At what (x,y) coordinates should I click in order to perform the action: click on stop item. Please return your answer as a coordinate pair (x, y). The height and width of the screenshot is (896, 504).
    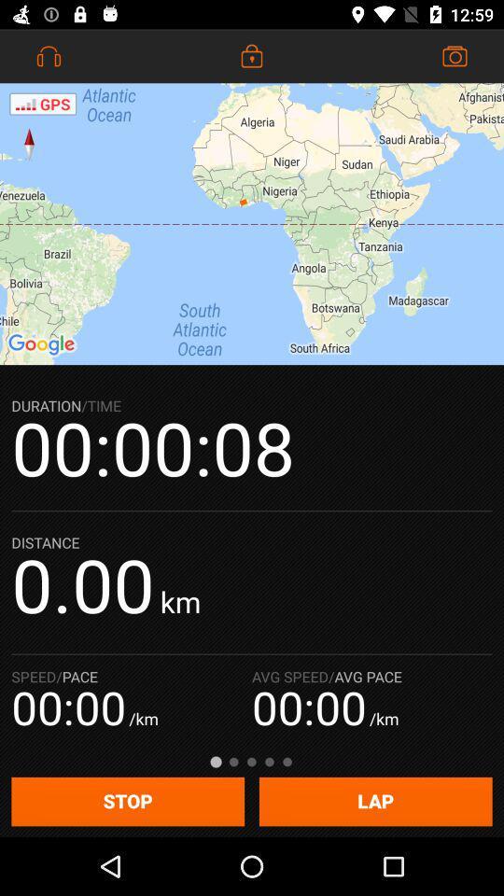
    Looking at the image, I should click on (127, 801).